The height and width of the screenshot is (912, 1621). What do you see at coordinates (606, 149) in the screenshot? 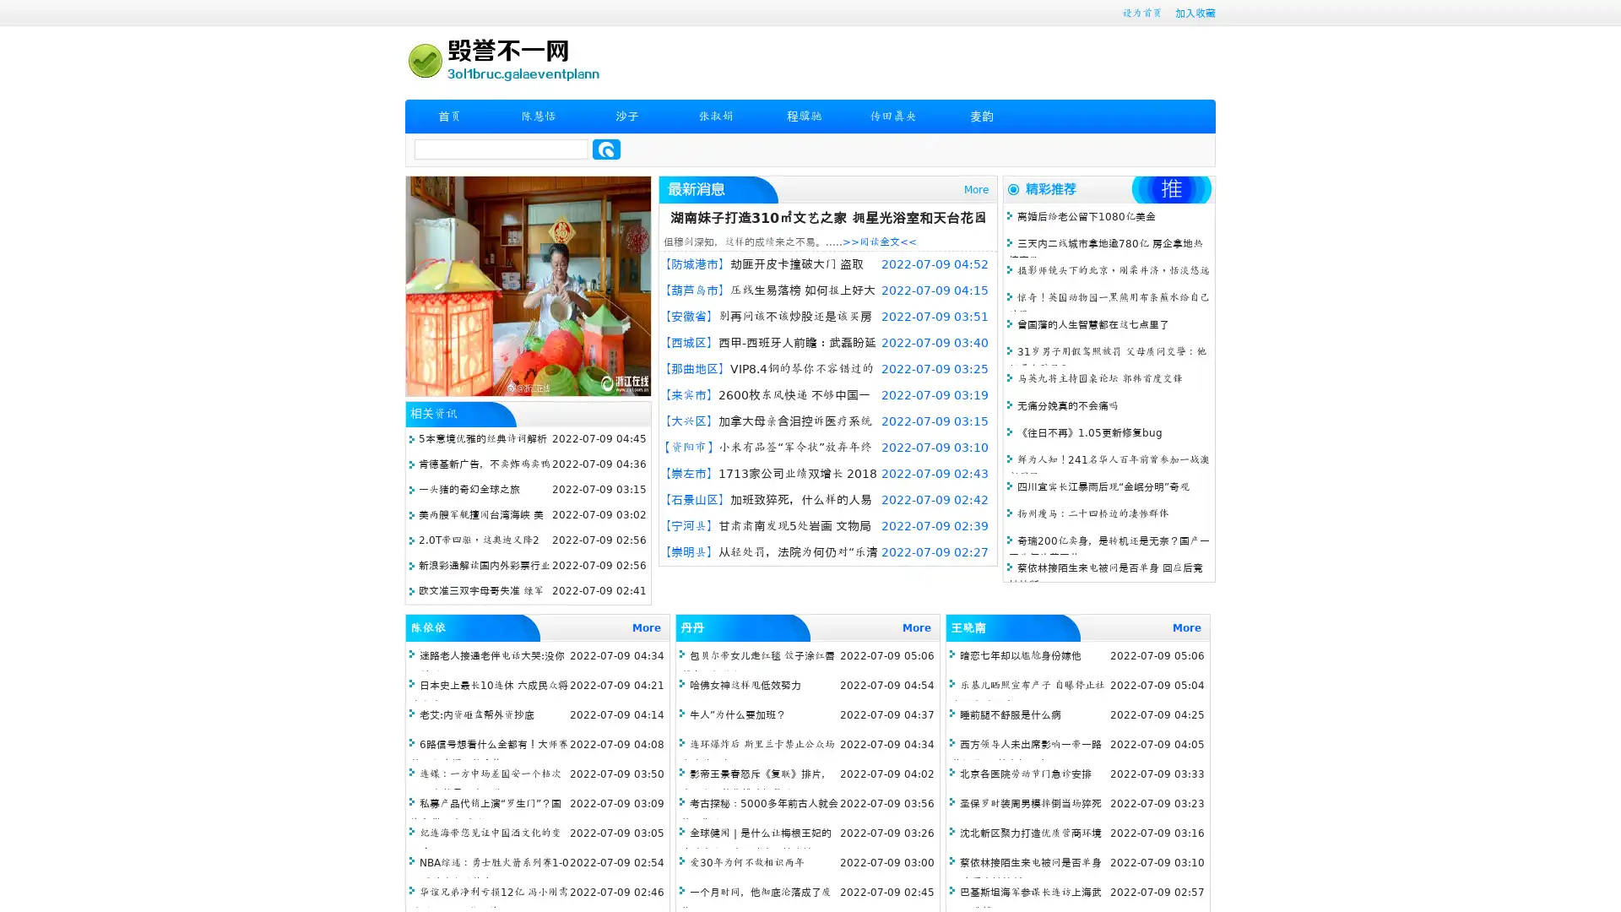
I see `Search` at bounding box center [606, 149].